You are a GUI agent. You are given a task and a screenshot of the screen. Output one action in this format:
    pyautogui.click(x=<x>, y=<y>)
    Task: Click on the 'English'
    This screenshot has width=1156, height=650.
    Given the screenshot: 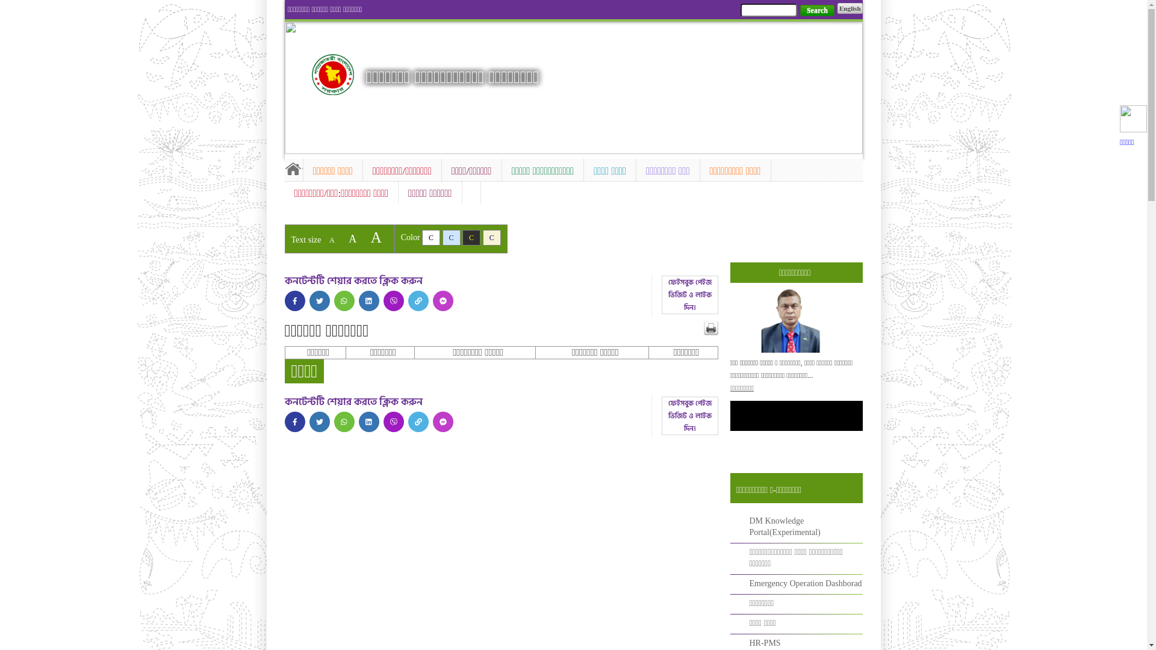 What is the action you would take?
    pyautogui.click(x=849, y=8)
    